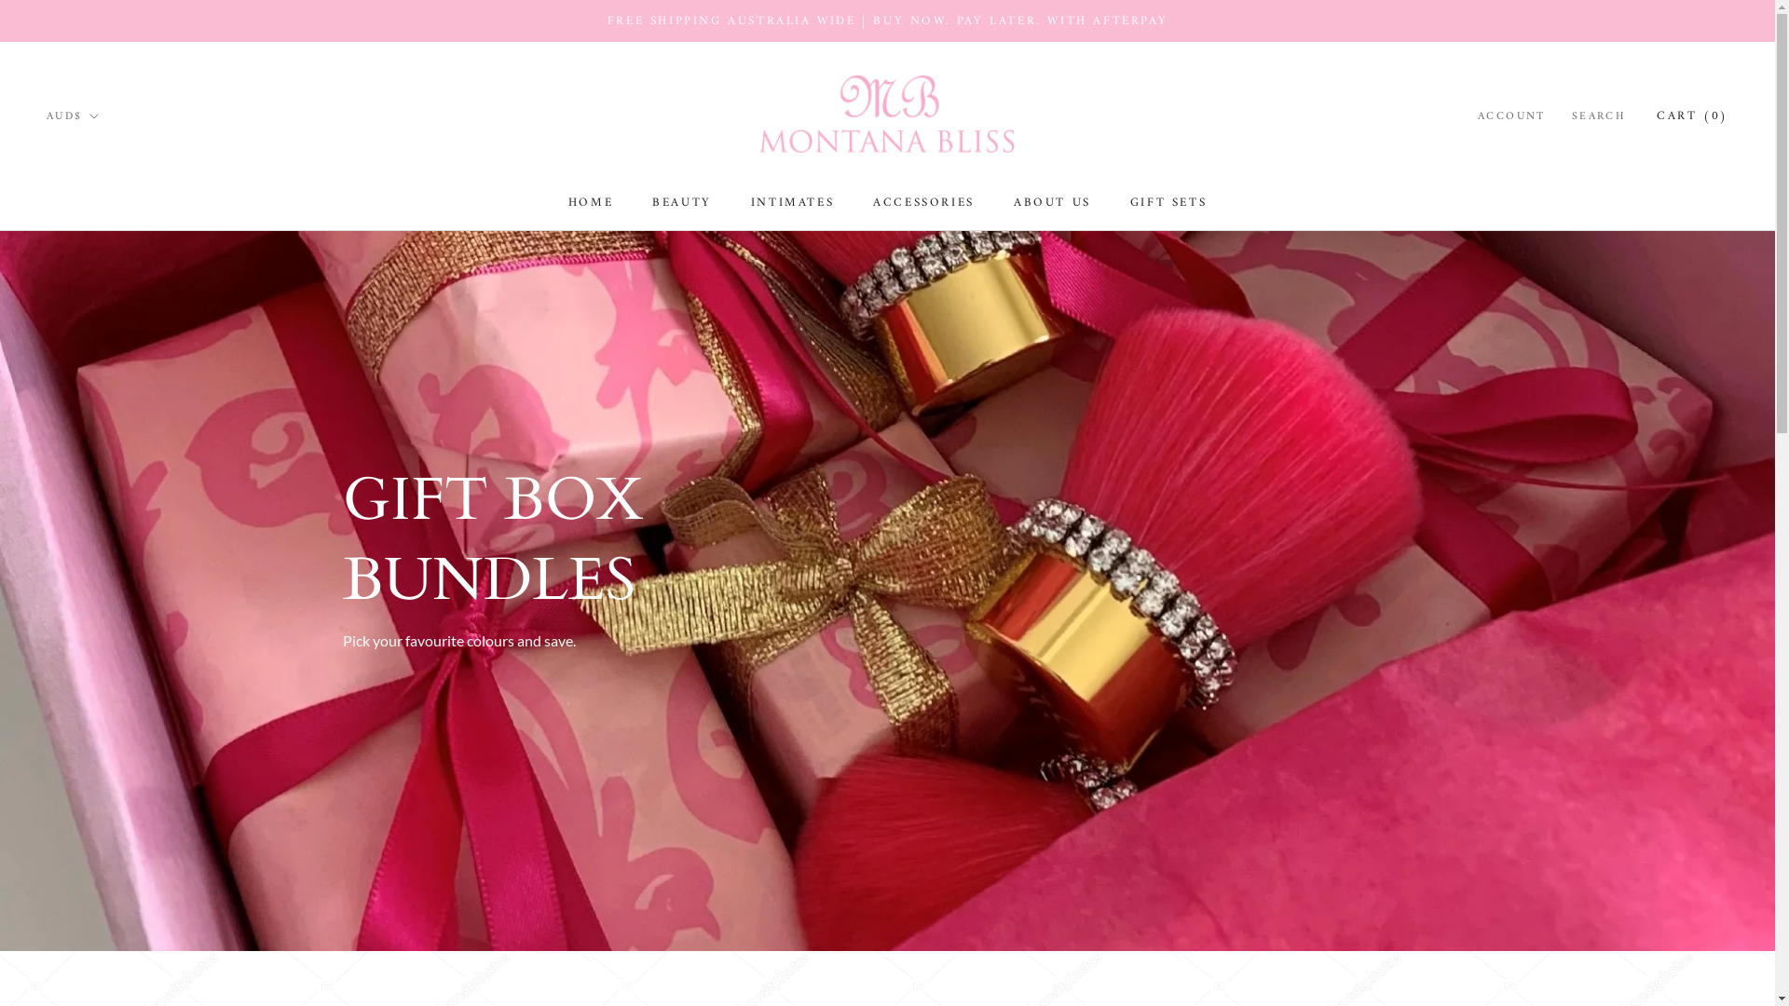  Describe the element at coordinates (1692, 116) in the screenshot. I see `'CART (0)'` at that location.